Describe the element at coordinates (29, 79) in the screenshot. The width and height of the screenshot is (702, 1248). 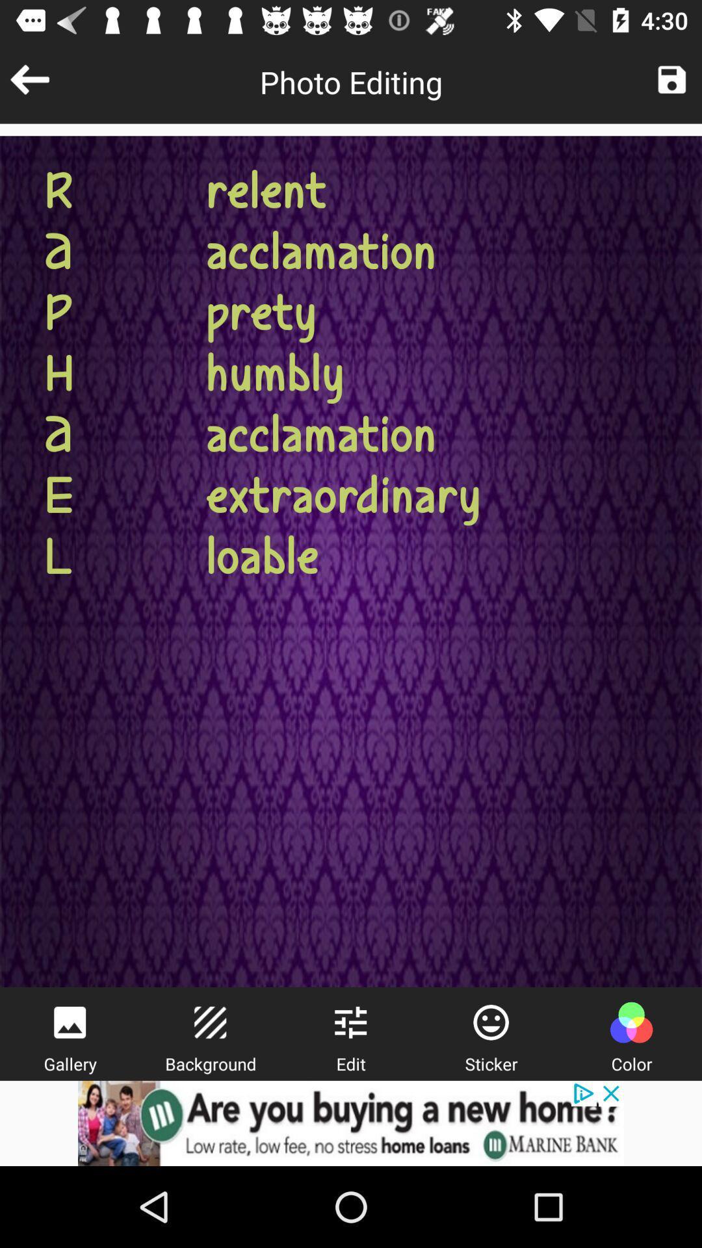
I see `the arrow_backward icon` at that location.